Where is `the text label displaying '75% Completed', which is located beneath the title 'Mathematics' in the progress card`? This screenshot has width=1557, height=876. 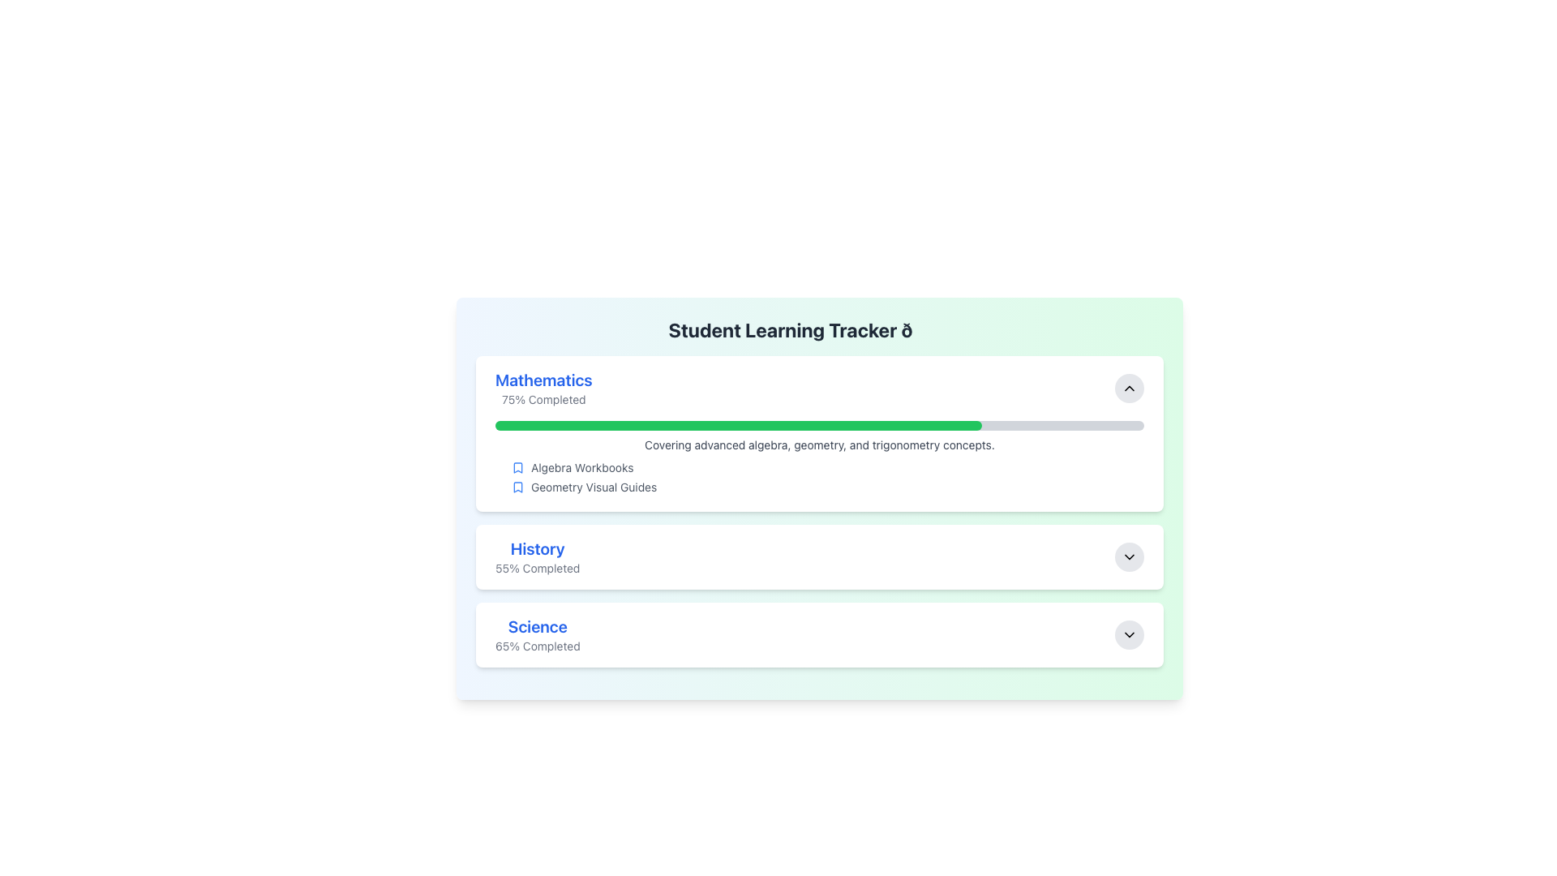 the text label displaying '75% Completed', which is located beneath the title 'Mathematics' in the progress card is located at coordinates (543, 400).